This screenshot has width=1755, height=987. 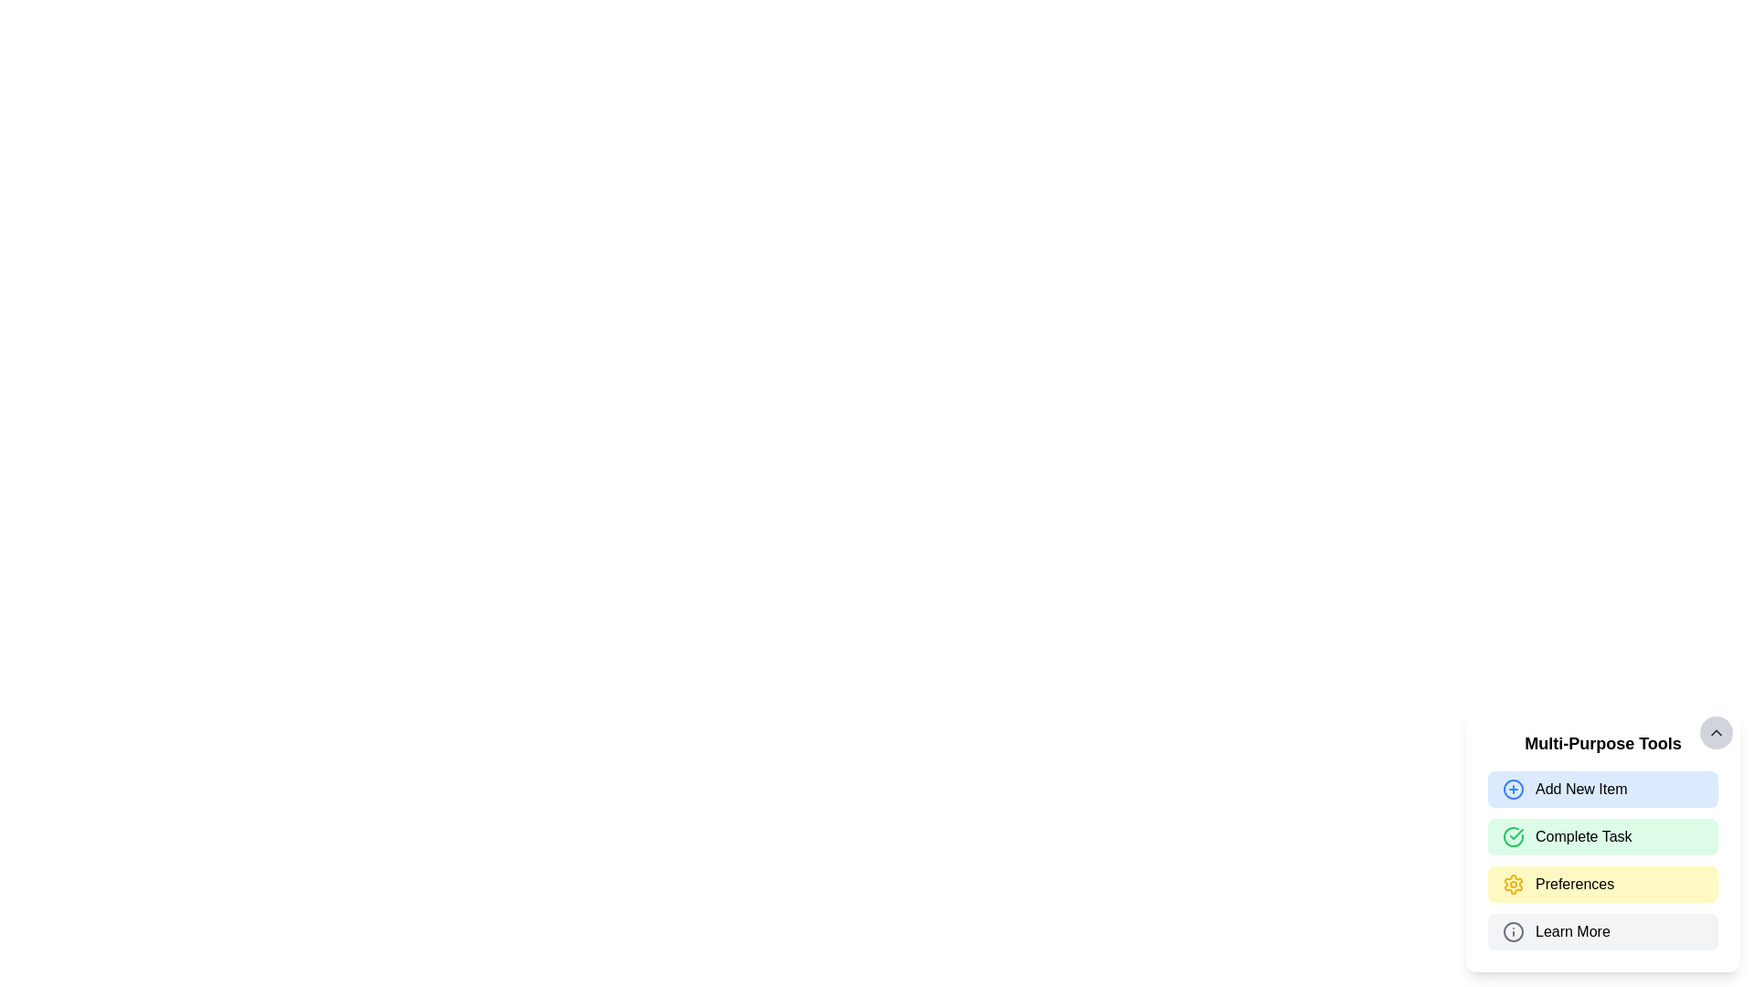 What do you see at coordinates (1601, 841) in the screenshot?
I see `the button that marks a task as complete, located in the second position from the top in the 'Multi-Purpose Tools' panel` at bounding box center [1601, 841].